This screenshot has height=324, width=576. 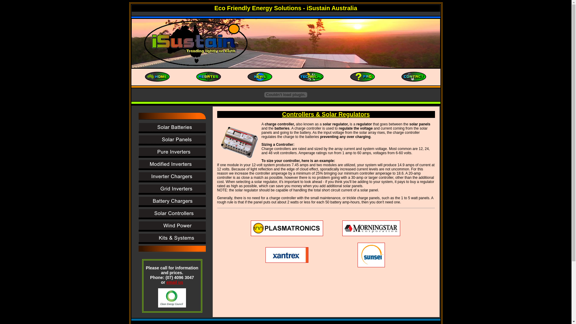 I want to click on 'email us', so click(x=174, y=282).